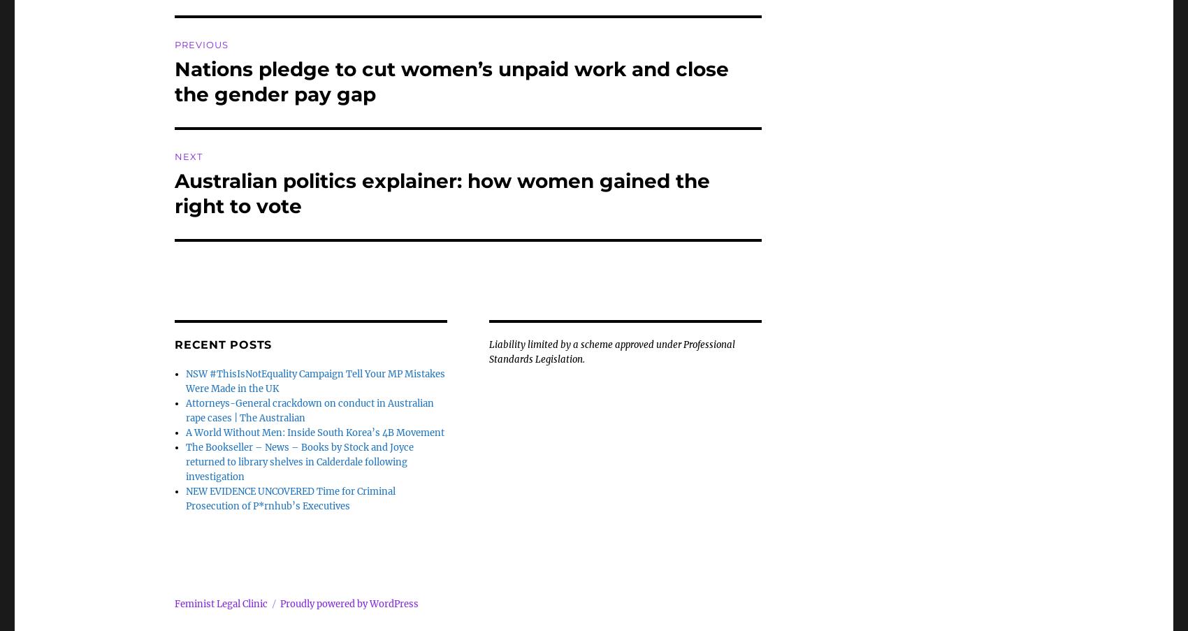 Image resolution: width=1188 pixels, height=631 pixels. I want to click on 'NSW #ThisIsNotEquality Campaign Tell Your MP Mistakes Were Made in the UK', so click(315, 381).